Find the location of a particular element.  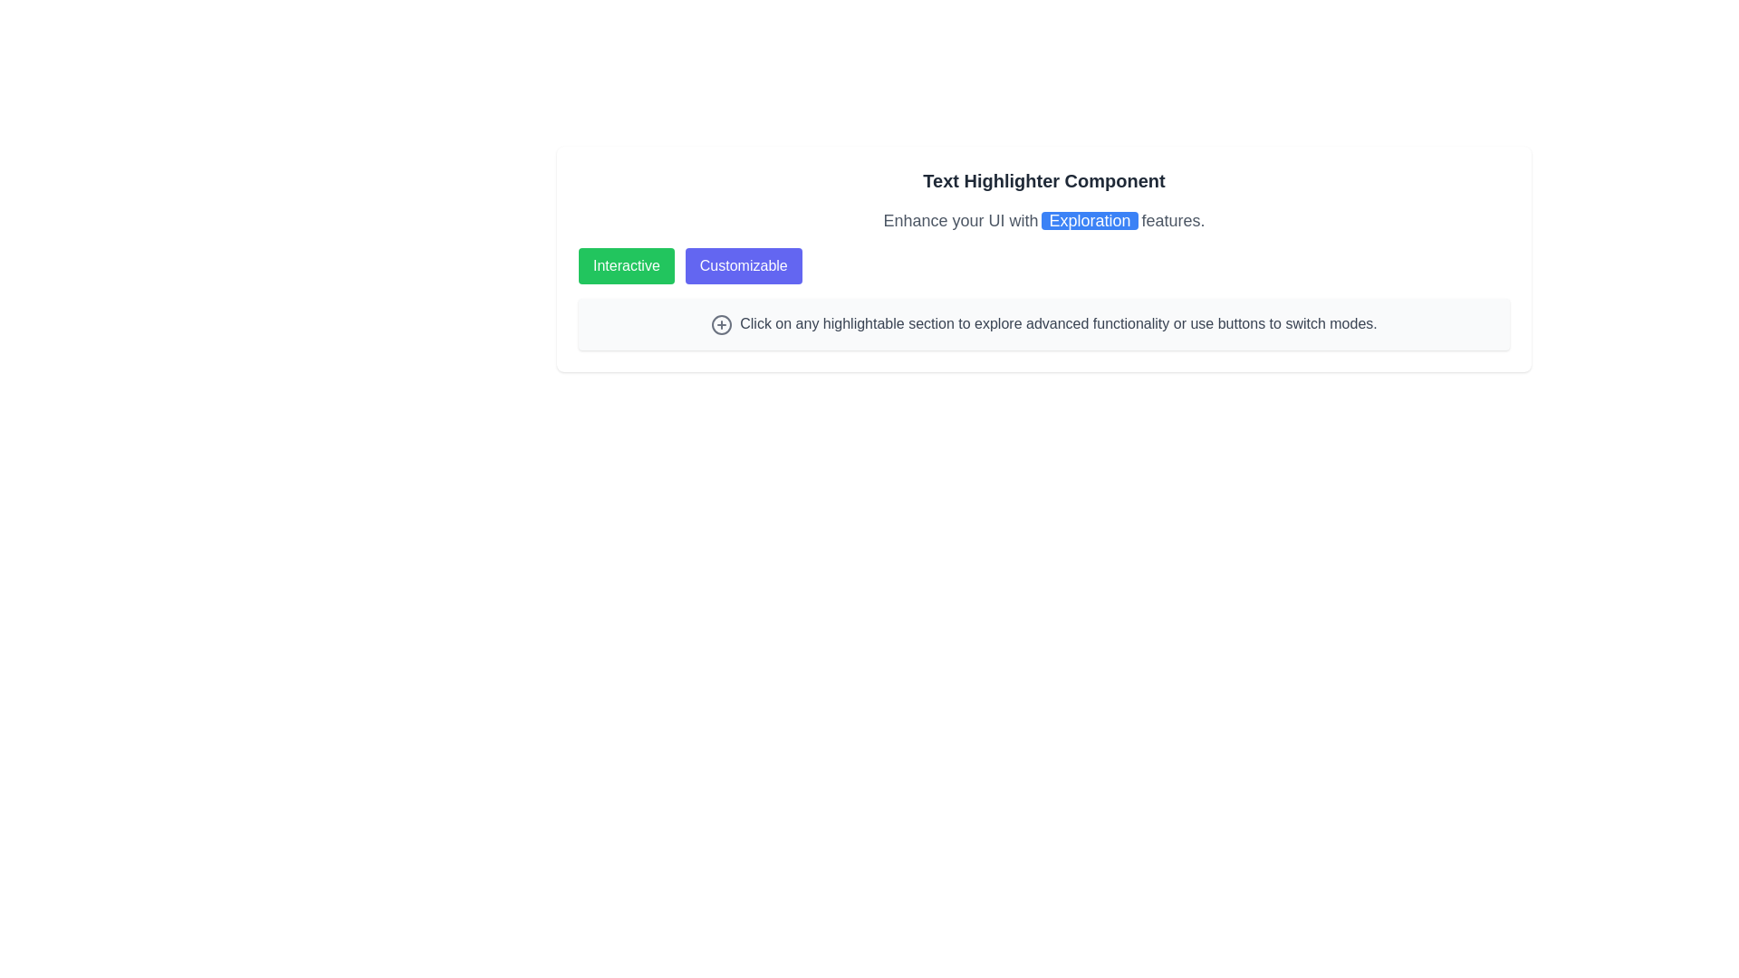

the button labeled 'Exploration' which has a blue background and white text, distinctively styled and positioned within the sentence 'Enhance your UI with Exploration features.' is located at coordinates (1089, 219).